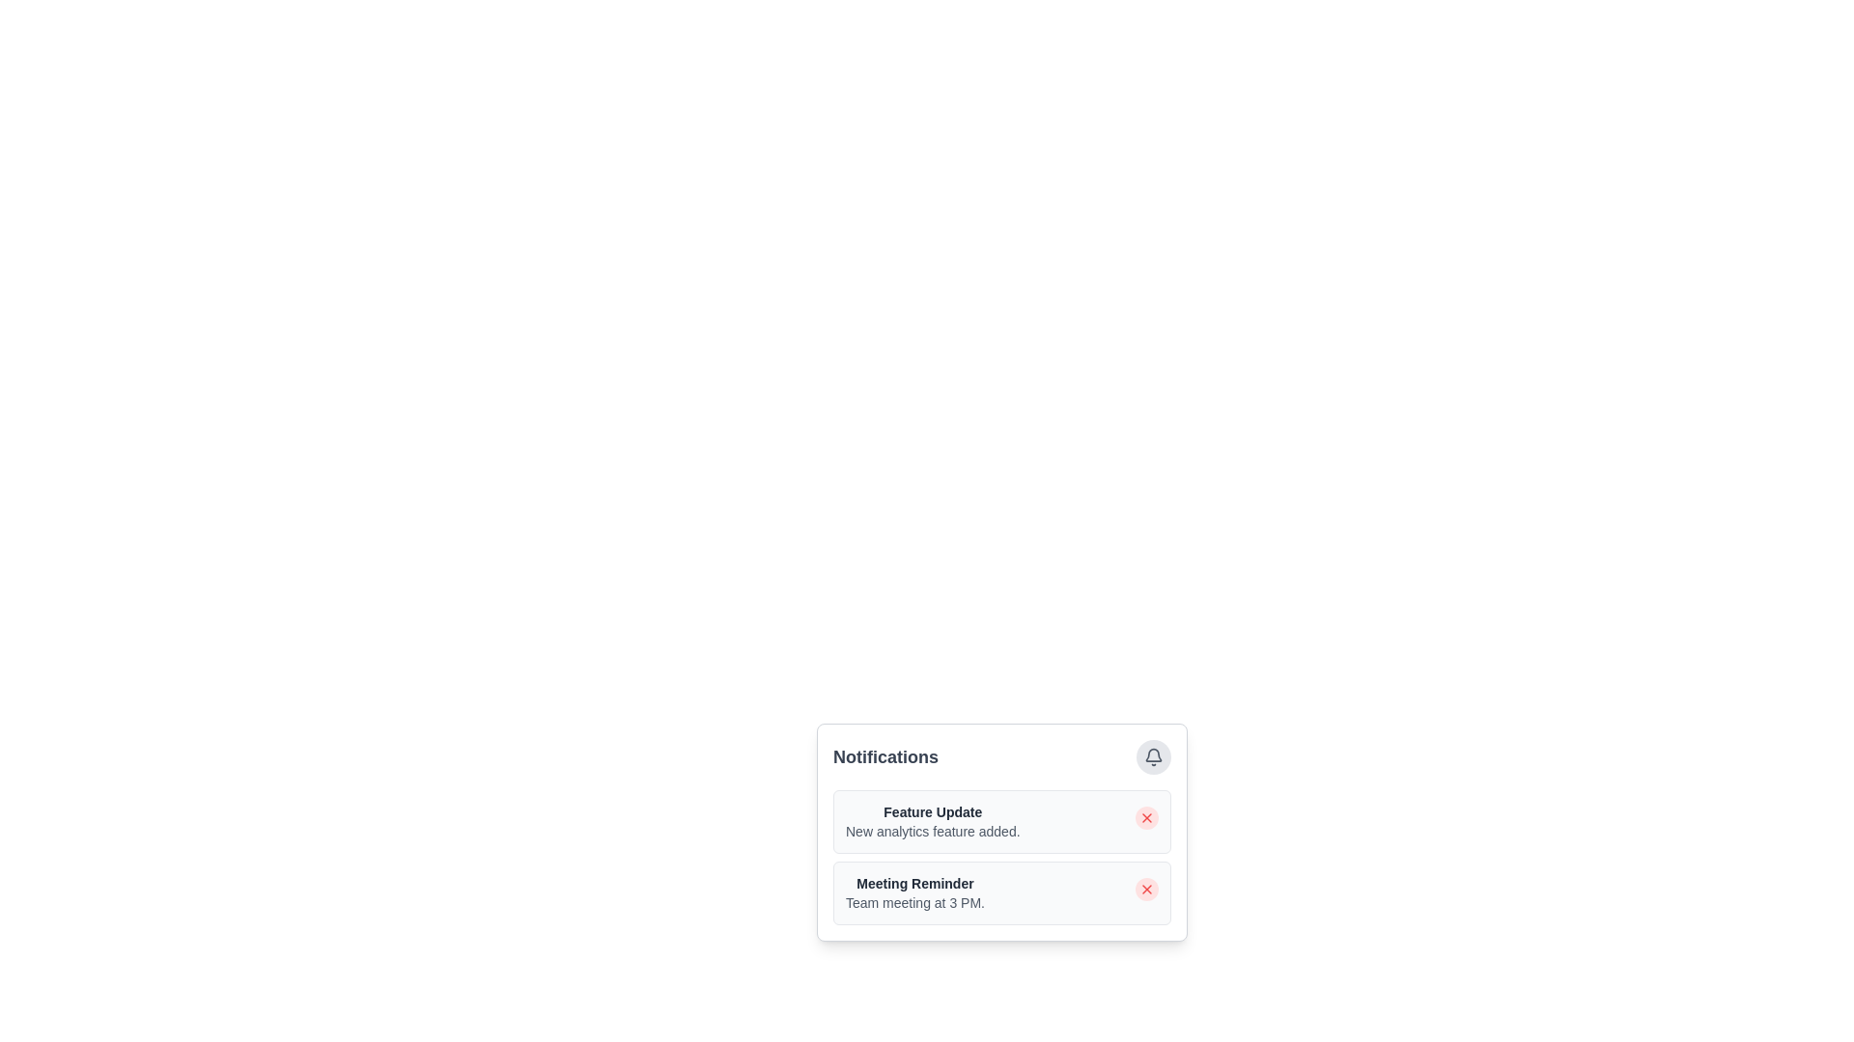 The image size is (1854, 1042). I want to click on the text label that serves as the title for the notification, located within a notification card and positioned above the text 'Team meeting at 3 PM.', so click(913, 883).